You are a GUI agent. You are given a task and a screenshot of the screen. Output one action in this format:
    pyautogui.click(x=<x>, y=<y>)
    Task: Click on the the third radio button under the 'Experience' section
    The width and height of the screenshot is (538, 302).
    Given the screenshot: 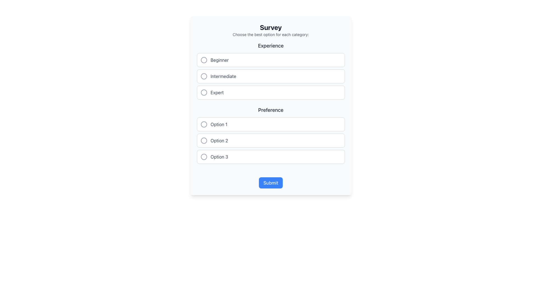 What is the action you would take?
    pyautogui.click(x=203, y=92)
    